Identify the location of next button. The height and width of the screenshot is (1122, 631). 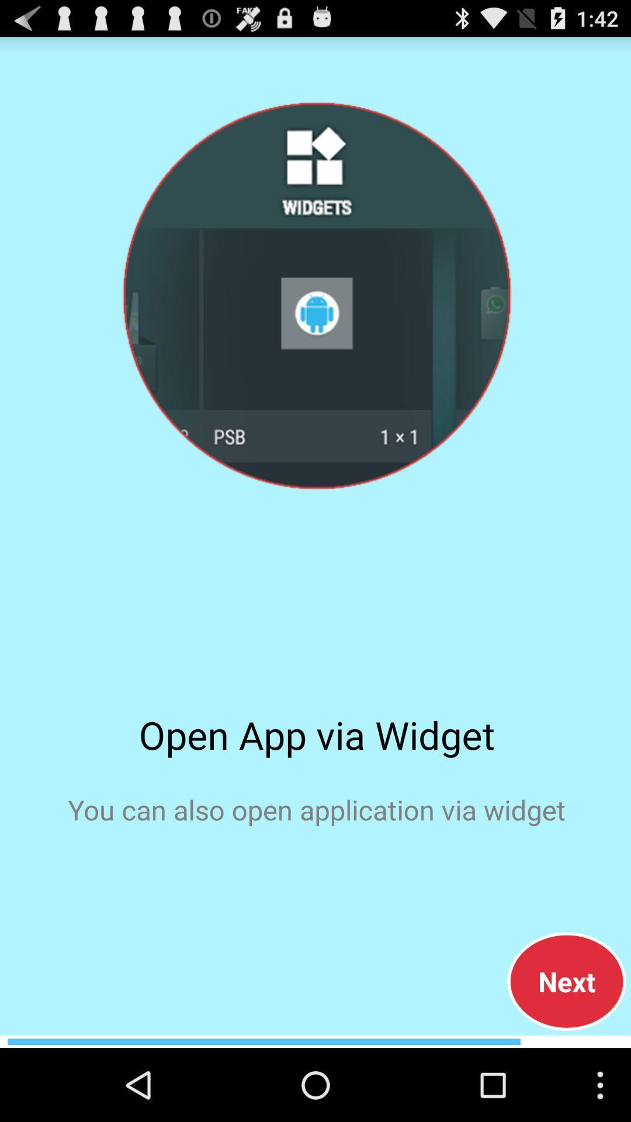
(566, 981).